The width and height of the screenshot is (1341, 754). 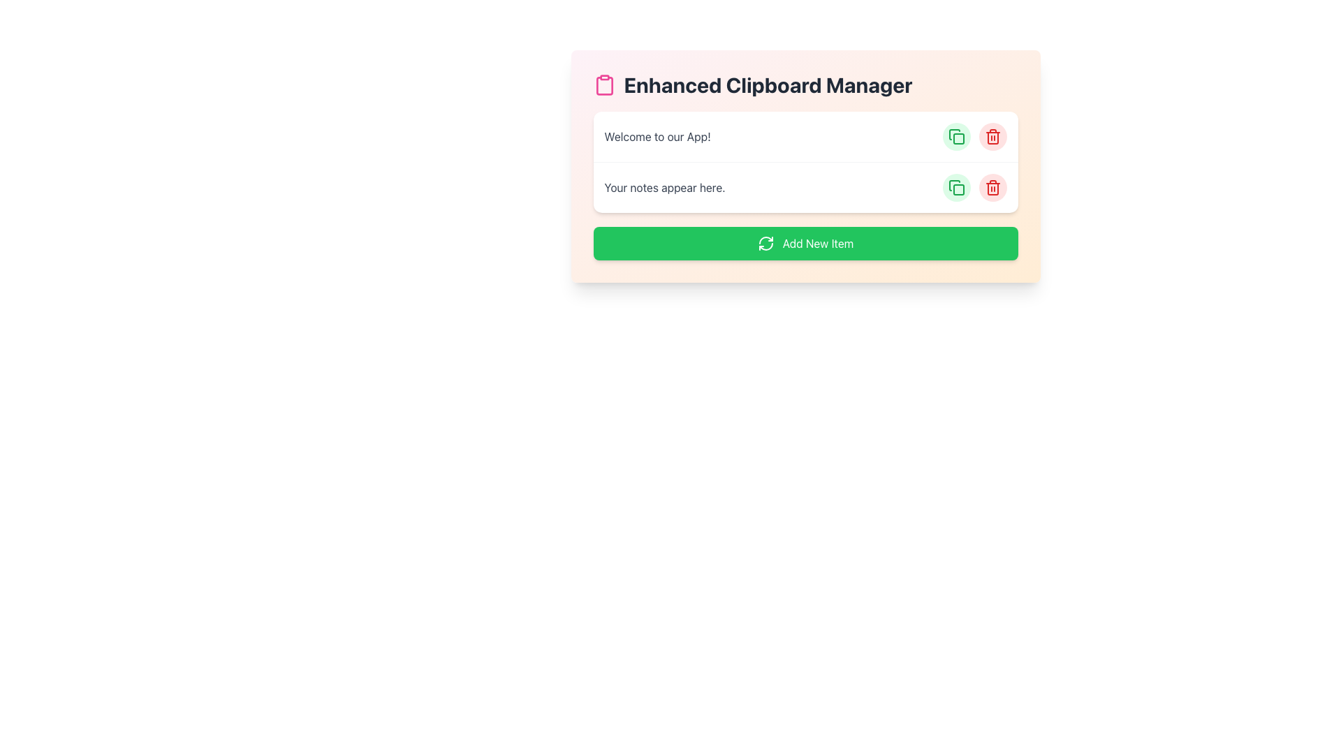 I want to click on the circular delete button with a trash can icon to observe the hover effect, so click(x=992, y=137).